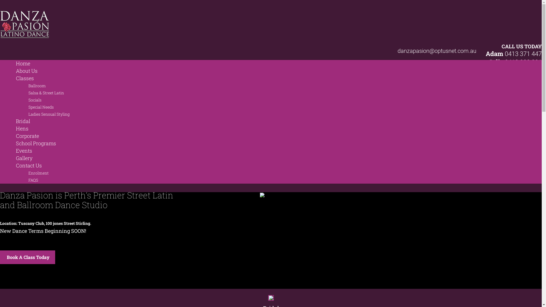 The width and height of the screenshot is (546, 307). What do you see at coordinates (437, 50) in the screenshot?
I see `'danzapasion@optusnet.com.au'` at bounding box center [437, 50].